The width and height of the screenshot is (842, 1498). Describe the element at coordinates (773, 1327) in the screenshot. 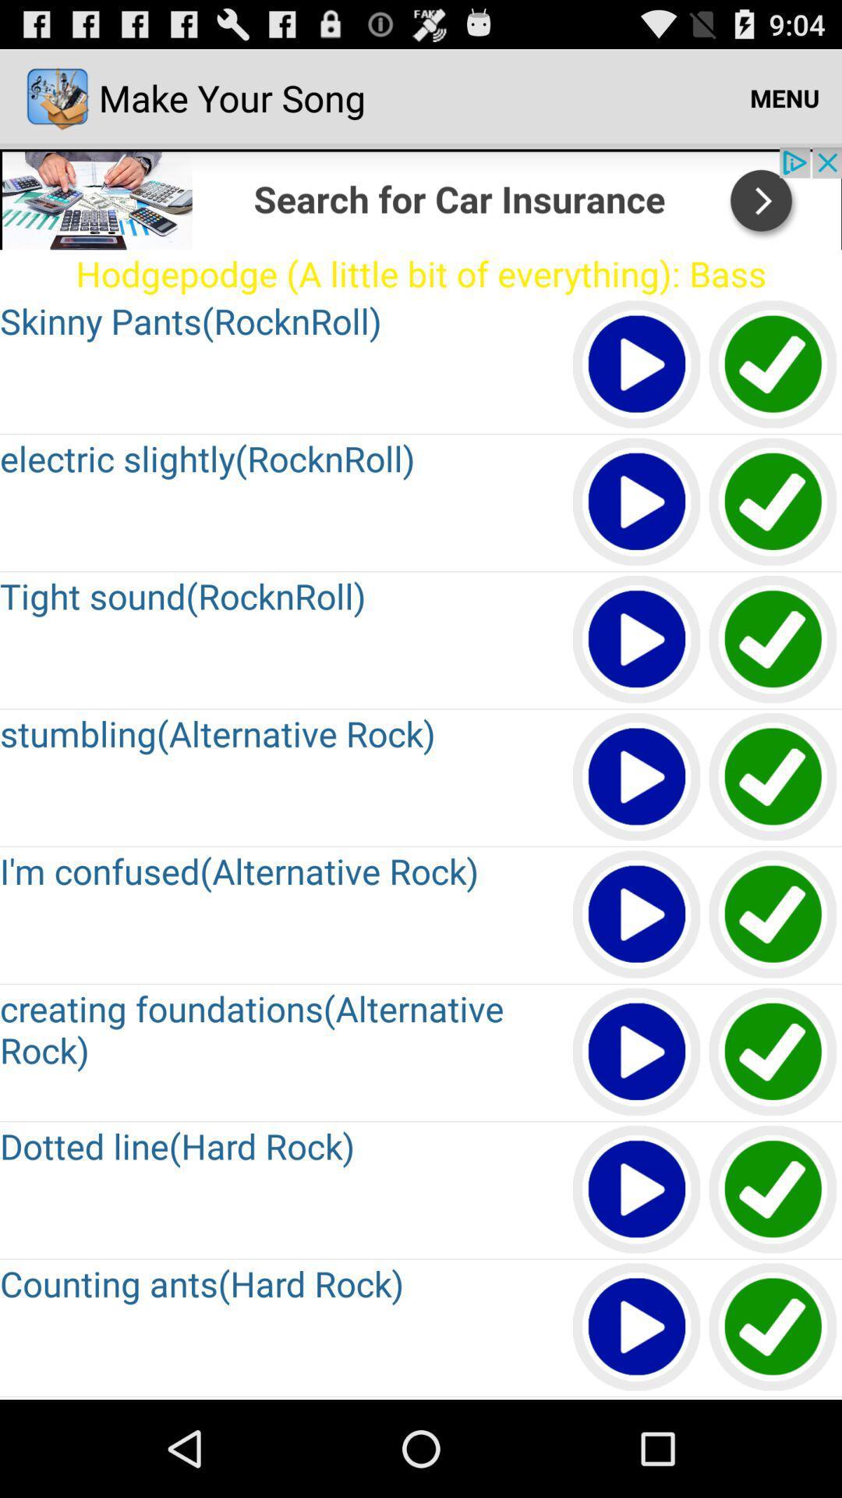

I see `tick` at that location.